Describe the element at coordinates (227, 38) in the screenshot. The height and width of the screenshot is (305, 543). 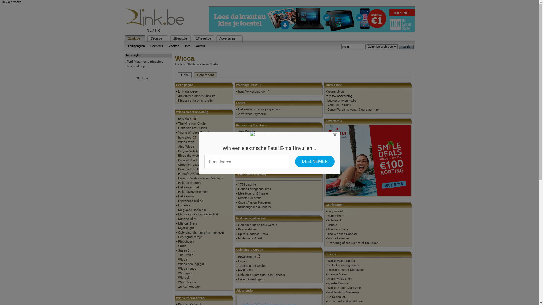
I see `'Adverteren'` at that location.